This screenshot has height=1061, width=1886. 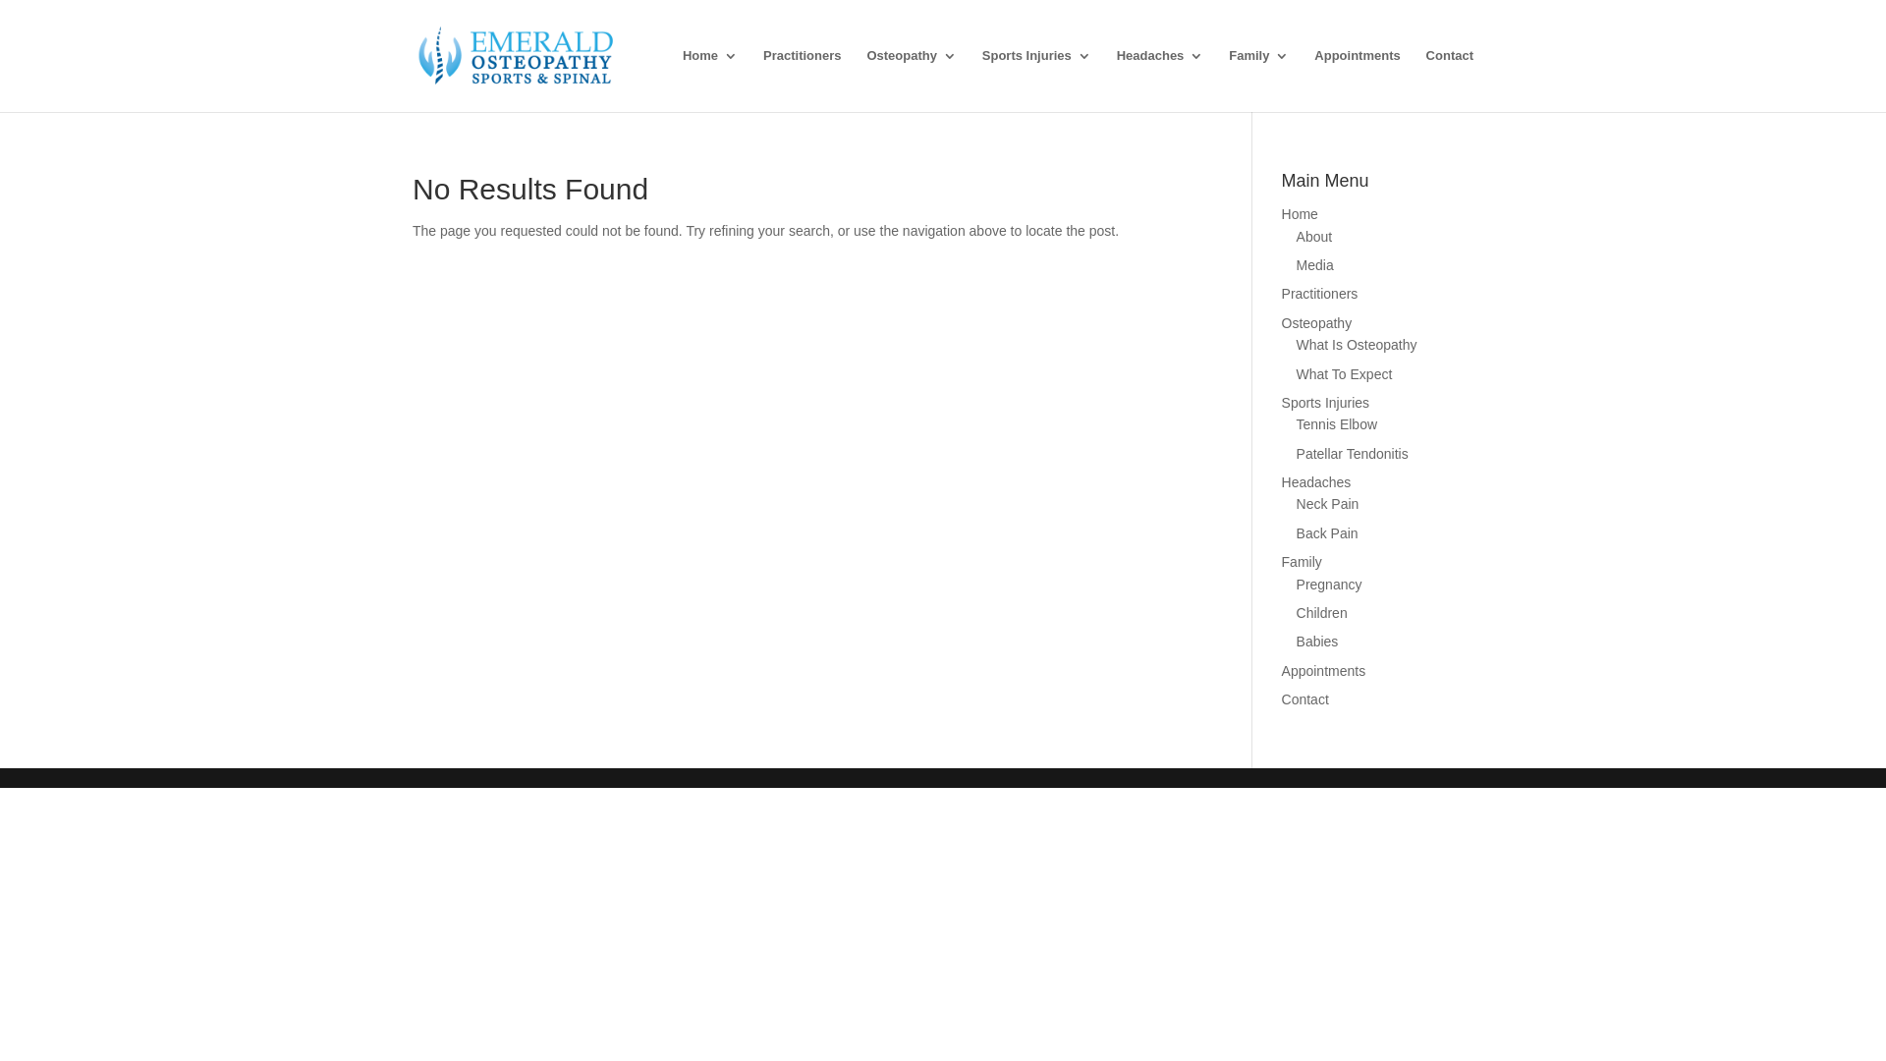 What do you see at coordinates (1314, 235) in the screenshot?
I see `'About'` at bounding box center [1314, 235].